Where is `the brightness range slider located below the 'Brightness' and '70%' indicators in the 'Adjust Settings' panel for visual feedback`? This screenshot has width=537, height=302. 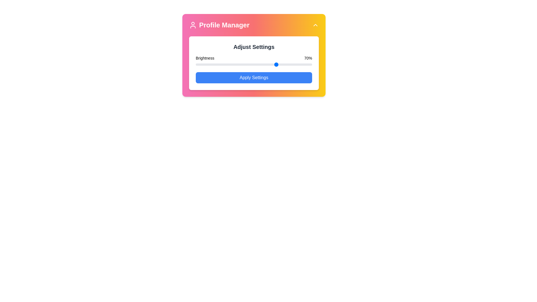
the brightness range slider located below the 'Brightness' and '70%' indicators in the 'Adjust Settings' panel for visual feedback is located at coordinates (253, 64).